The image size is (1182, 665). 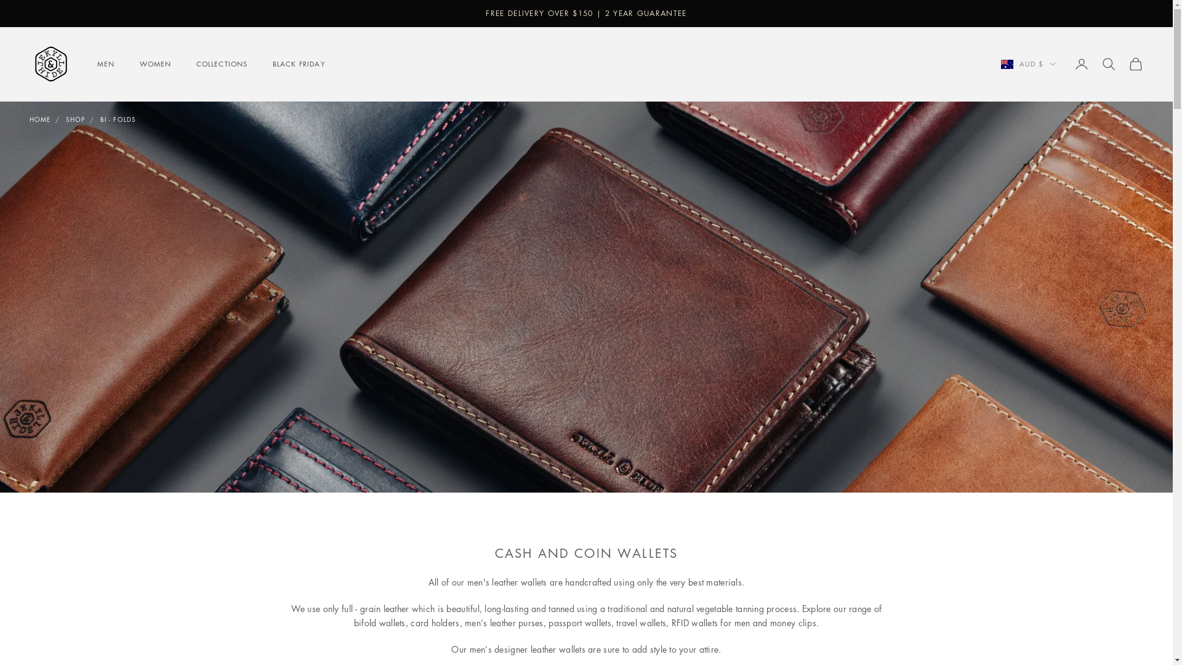 I want to click on 'Open account page', so click(x=1080, y=64).